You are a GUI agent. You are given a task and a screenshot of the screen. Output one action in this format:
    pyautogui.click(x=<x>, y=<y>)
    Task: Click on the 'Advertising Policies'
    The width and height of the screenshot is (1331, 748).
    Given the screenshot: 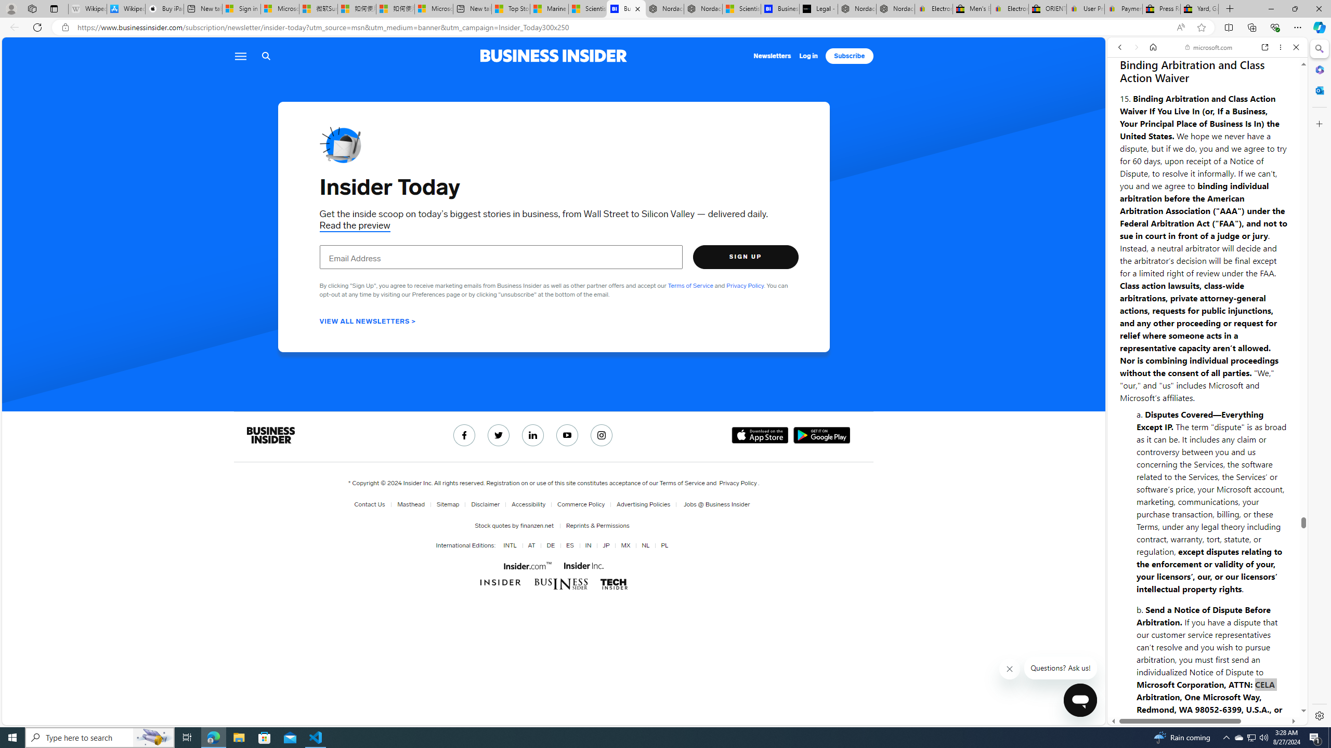 What is the action you would take?
    pyautogui.click(x=643, y=504)
    